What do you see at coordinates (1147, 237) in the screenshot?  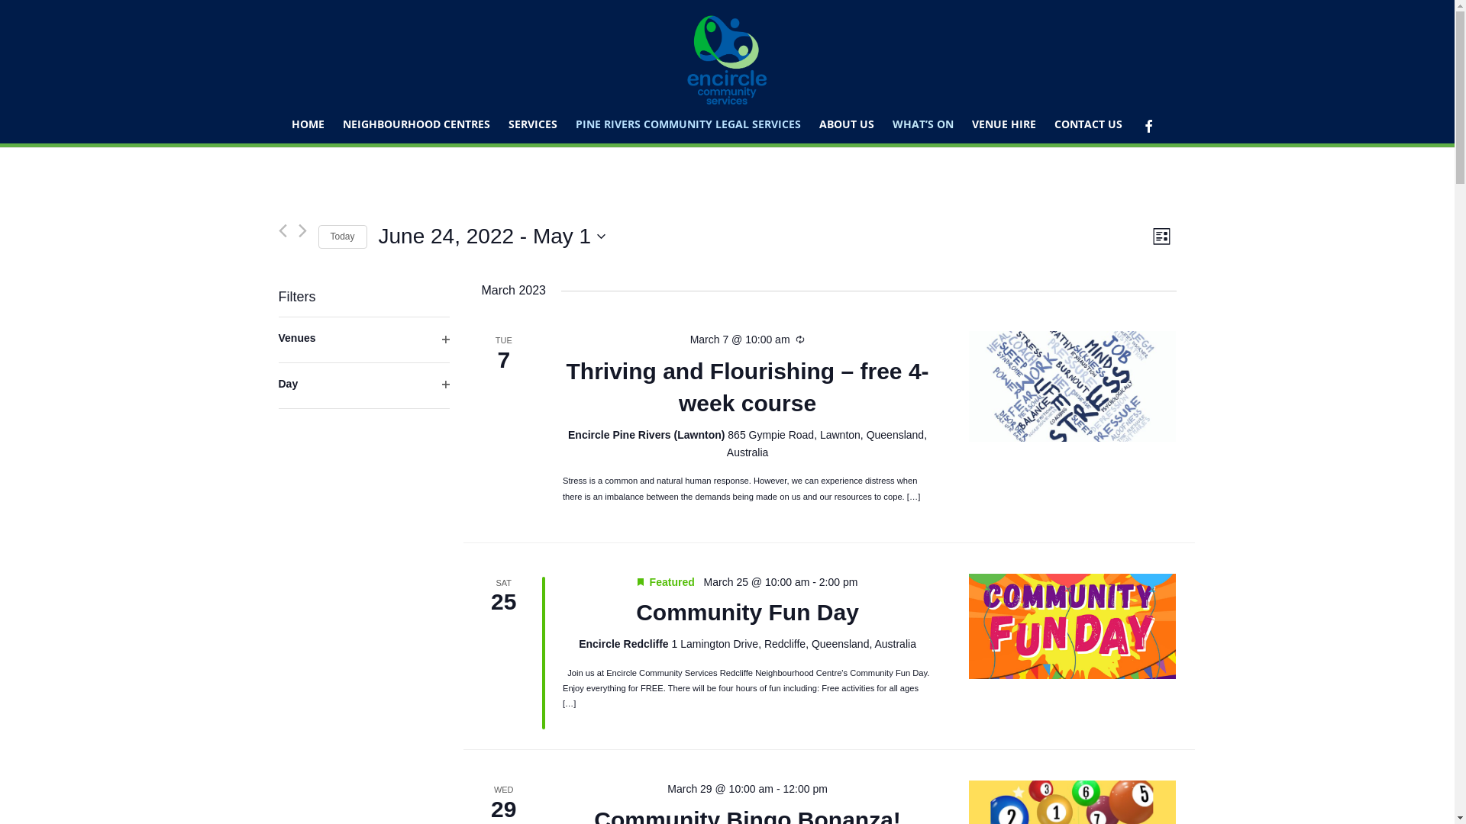 I see `'List'` at bounding box center [1147, 237].